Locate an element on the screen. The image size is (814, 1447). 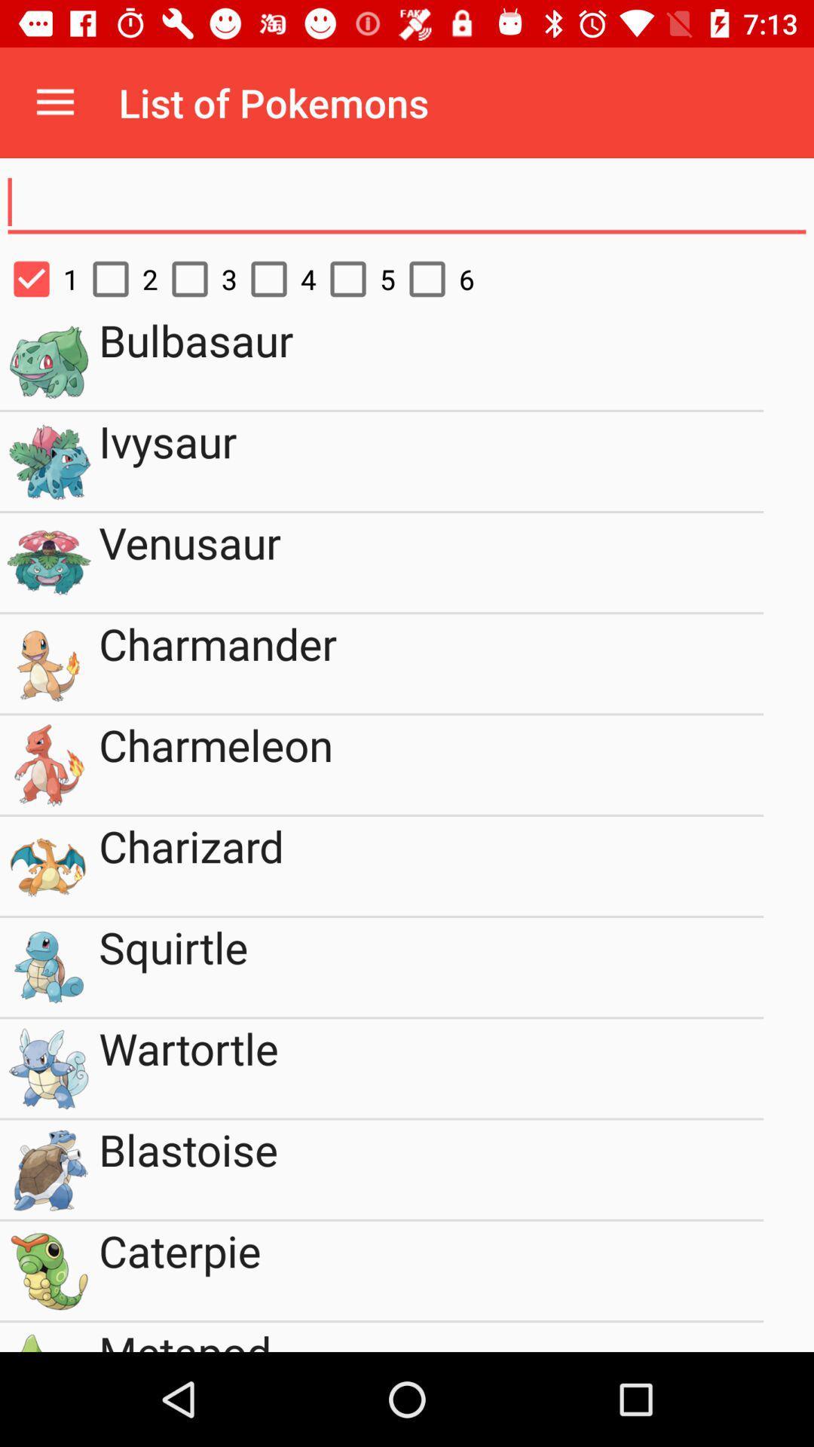
6 is located at coordinates (435, 279).